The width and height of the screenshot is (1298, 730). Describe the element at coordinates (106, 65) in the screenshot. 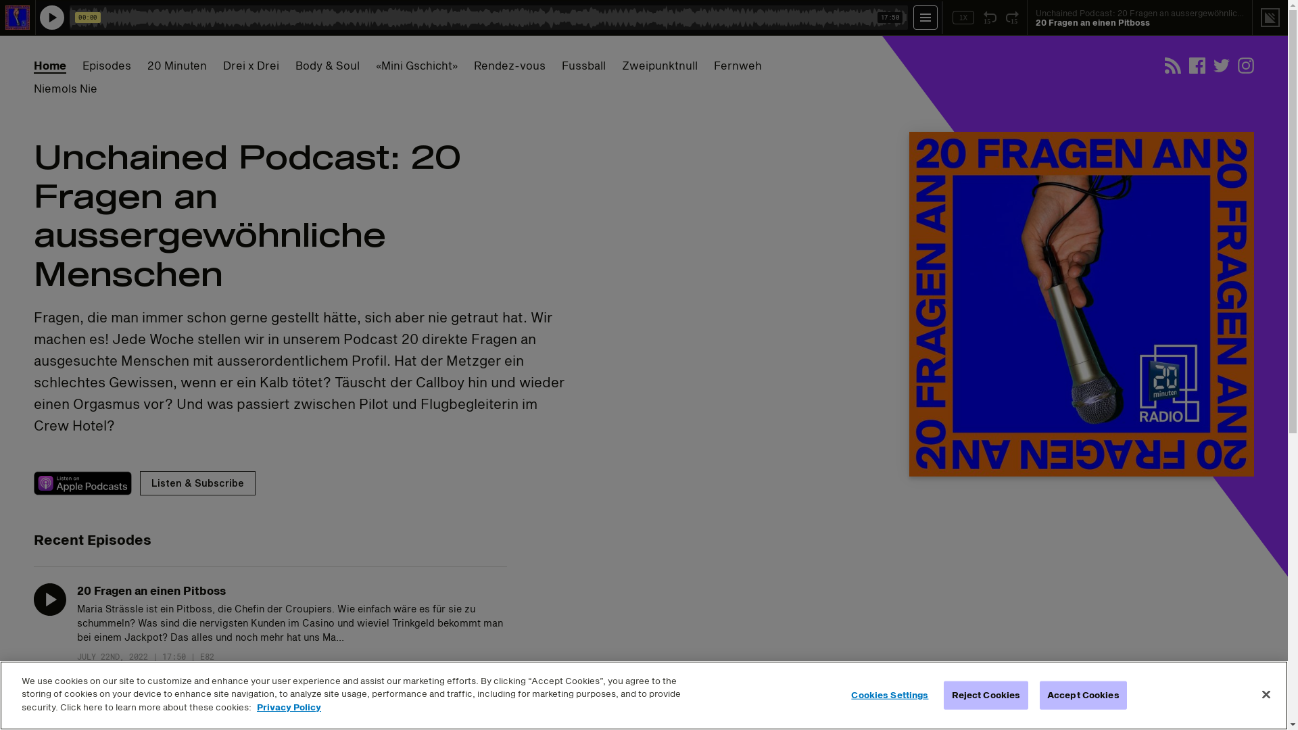

I see `'Episodes'` at that location.